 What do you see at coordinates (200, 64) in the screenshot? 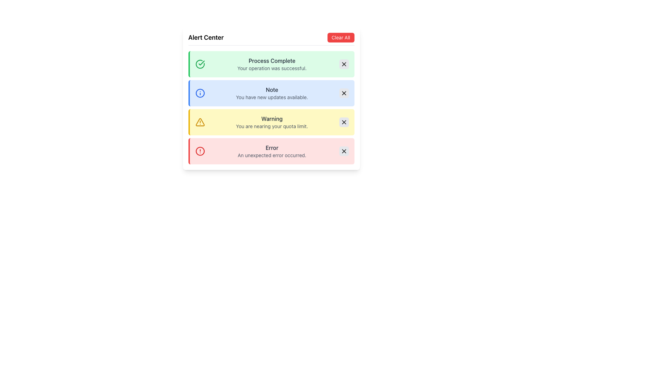
I see `the circular checkmark icon with a green outline and a white background located inside the green notification panel indicating that the process is complete` at bounding box center [200, 64].